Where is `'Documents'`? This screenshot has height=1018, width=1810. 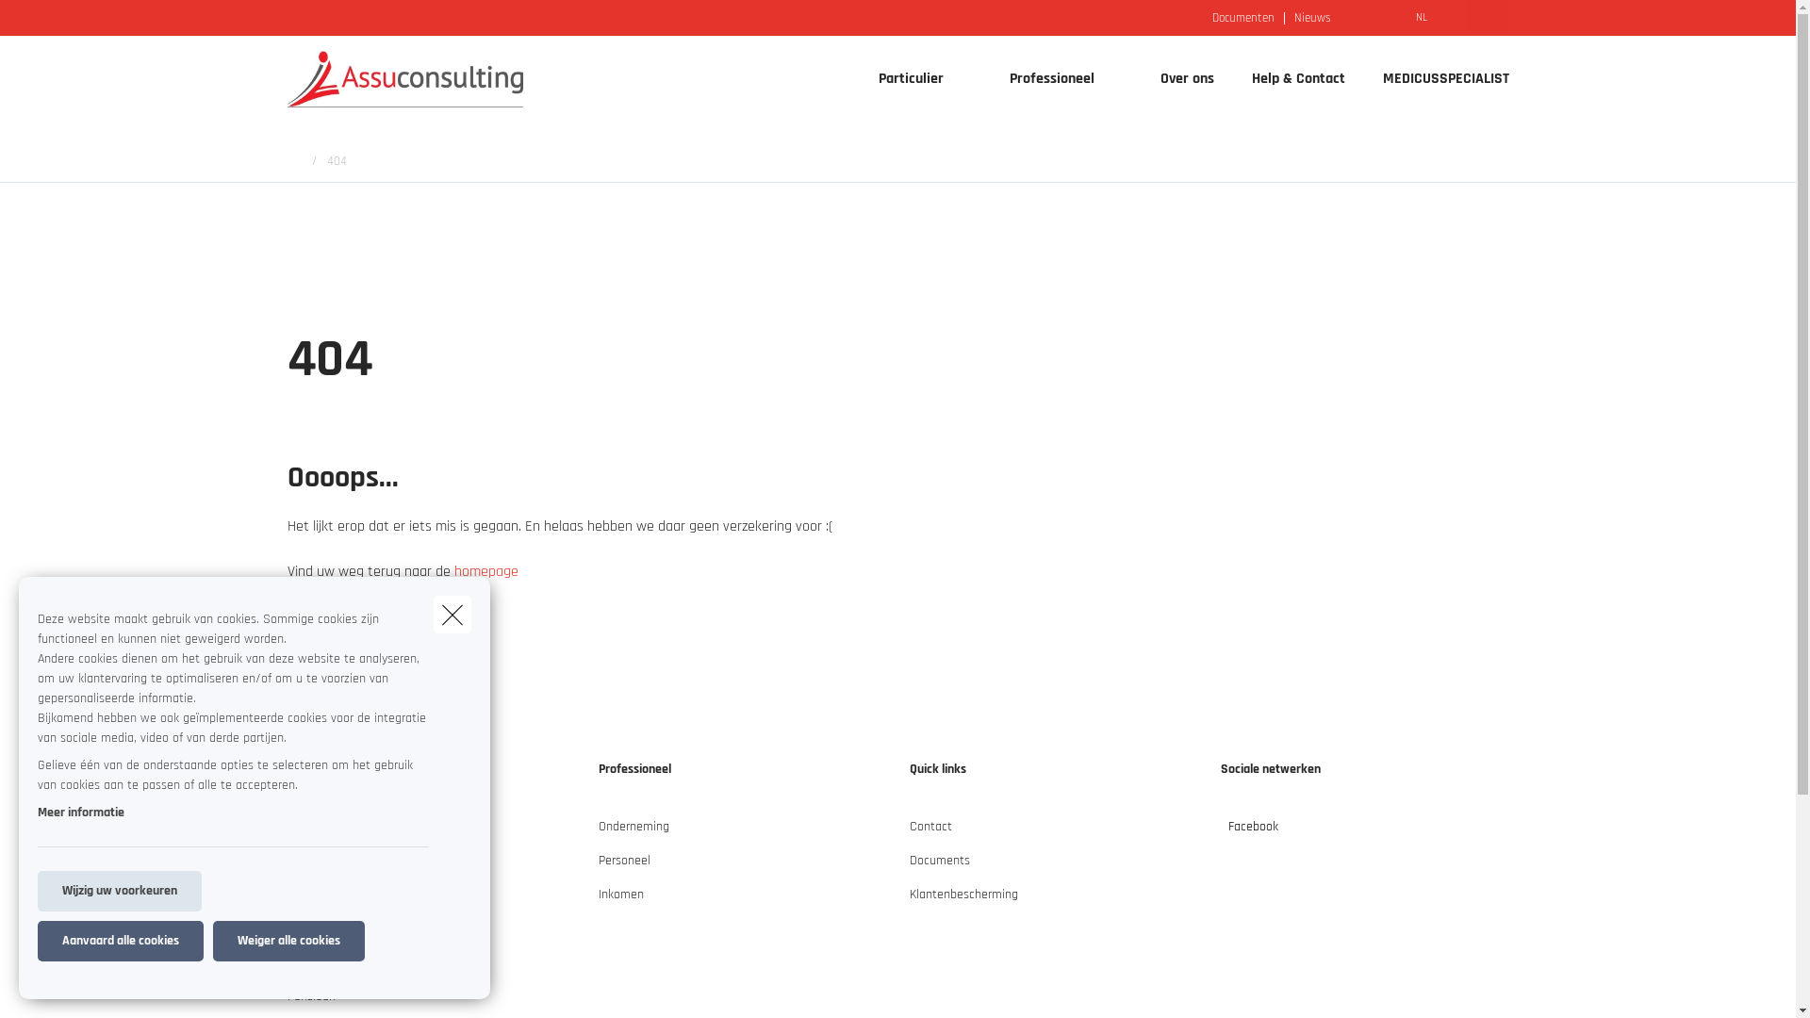 'Documents' is located at coordinates (939, 868).